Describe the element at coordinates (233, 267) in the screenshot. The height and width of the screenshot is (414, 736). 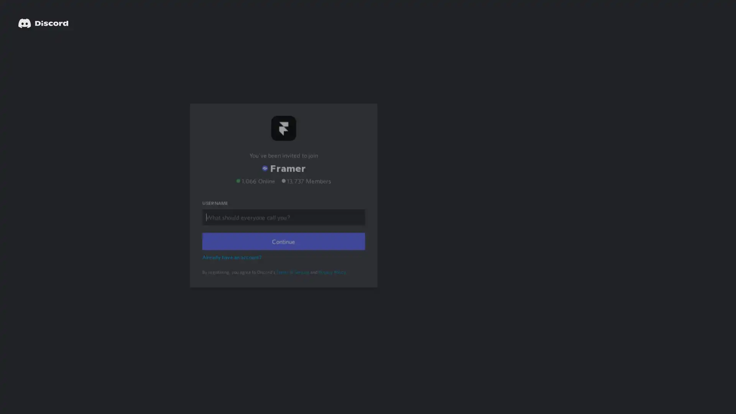
I see `Already have an account?` at that location.